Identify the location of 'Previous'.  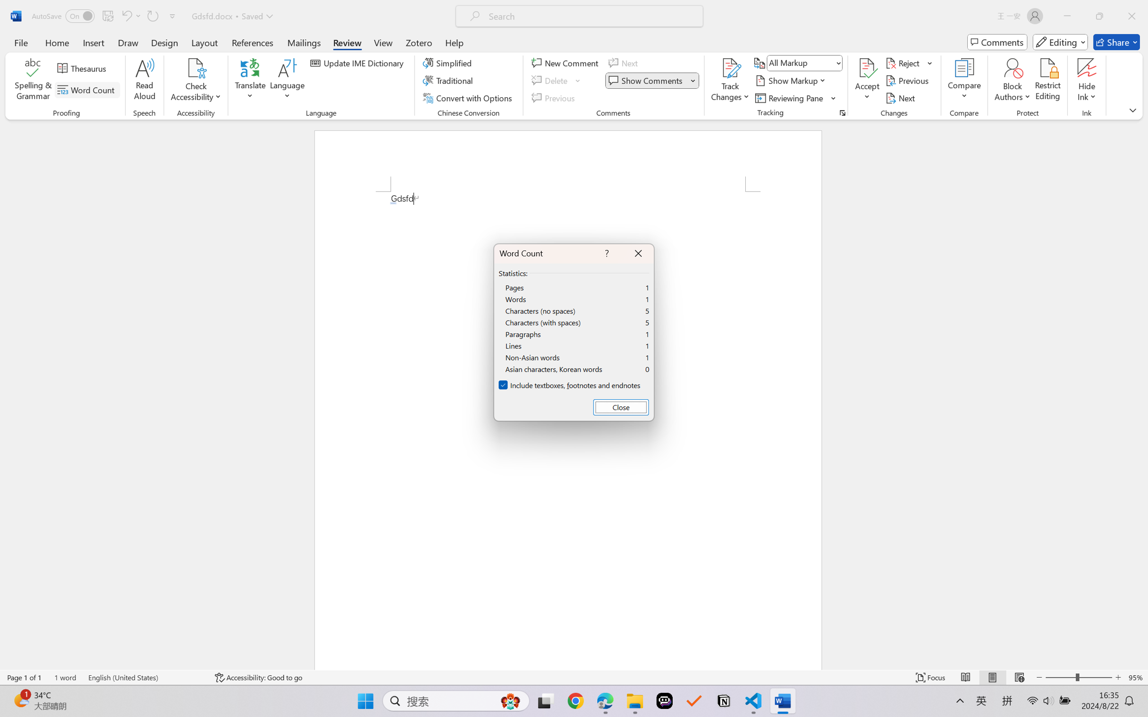
(908, 81).